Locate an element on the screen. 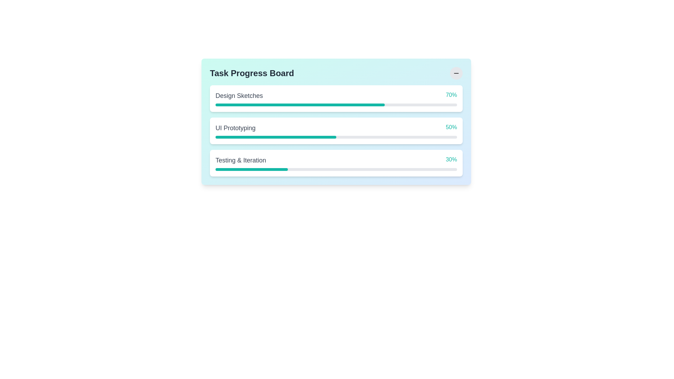 This screenshot has width=674, height=379. the Progress Bar indicating 30% completion for the 'Testing & Iteration' task, located in the bottom section of the task progress board interface is located at coordinates (336, 169).